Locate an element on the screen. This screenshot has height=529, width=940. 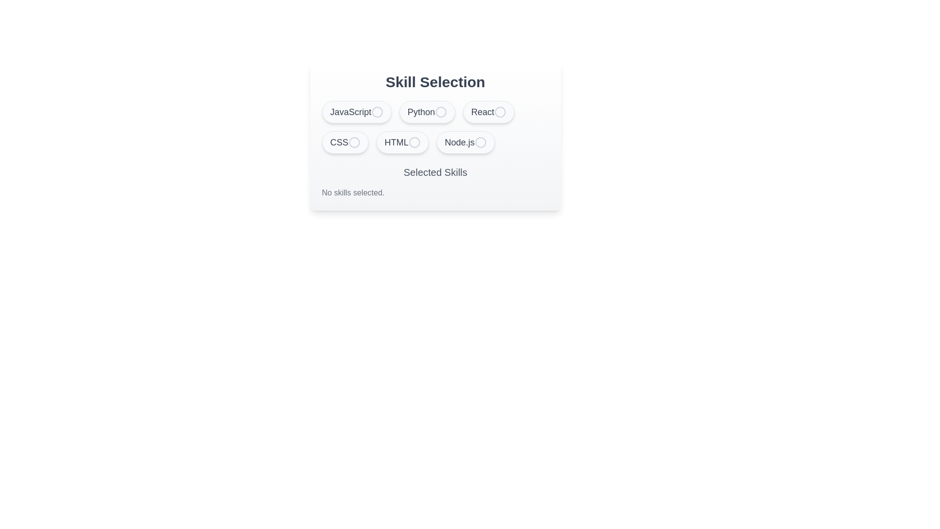
the fifth button in a horizontal list of six buttons located in the bottom row is located at coordinates (402, 142).